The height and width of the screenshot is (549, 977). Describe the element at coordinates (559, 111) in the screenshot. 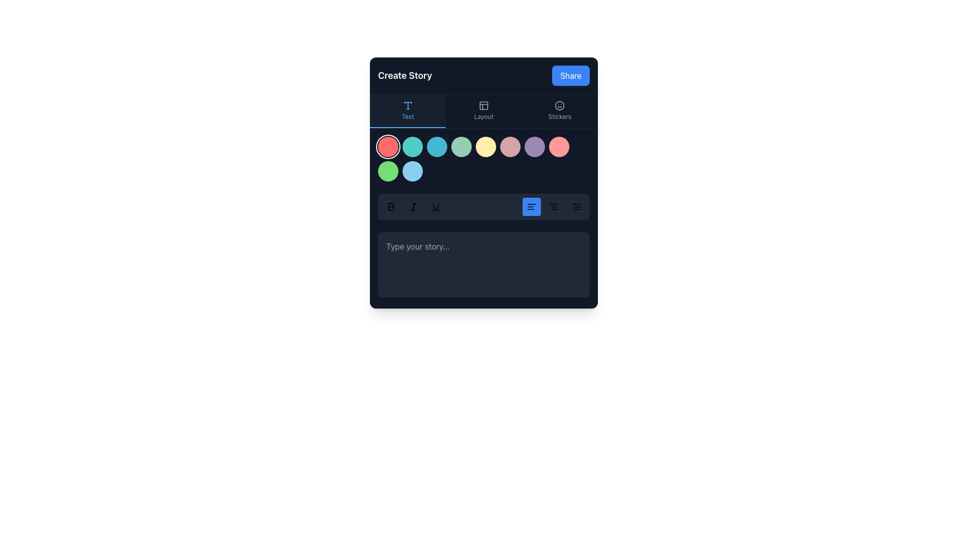

I see `the 'Stickers' button, which is a rectangular button with the text 'Stickers' and a smiling face icon, located at the rightmost position among three buttons in the top section of the interface` at that location.